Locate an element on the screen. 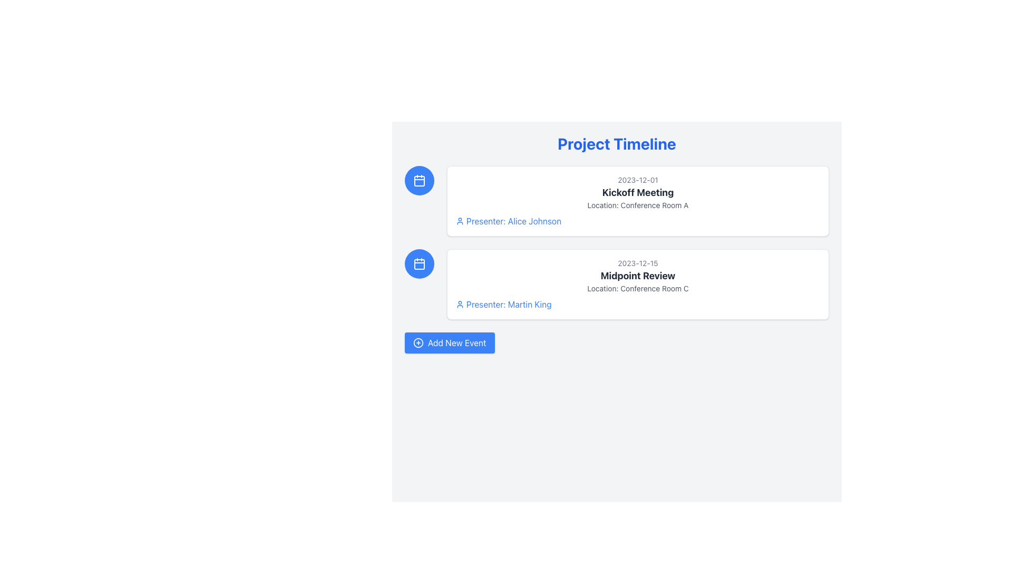  the user presenter icon located to the left of the text 'Presenter: Alice Johnson' in the timeline interface is located at coordinates (460, 221).